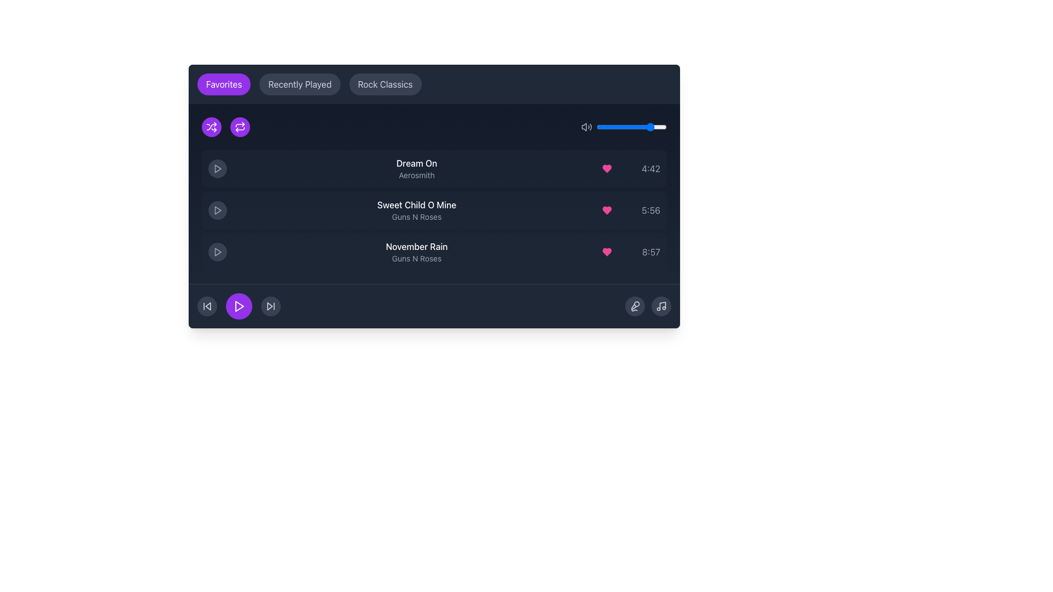  Describe the element at coordinates (211, 126) in the screenshot. I see `the shuffle mode button, which is the second icon from the left in a horizontal row at the top-left corner of the app interface` at that location.